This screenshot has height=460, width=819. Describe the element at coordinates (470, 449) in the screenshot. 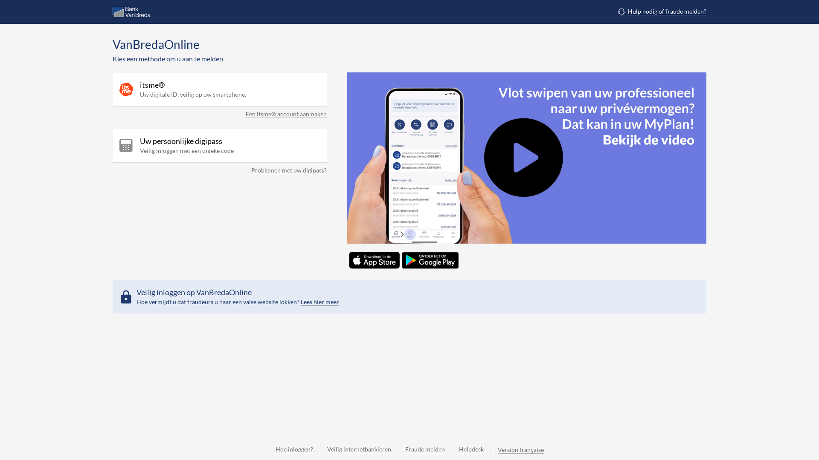

I see `'Helpdesk'` at that location.